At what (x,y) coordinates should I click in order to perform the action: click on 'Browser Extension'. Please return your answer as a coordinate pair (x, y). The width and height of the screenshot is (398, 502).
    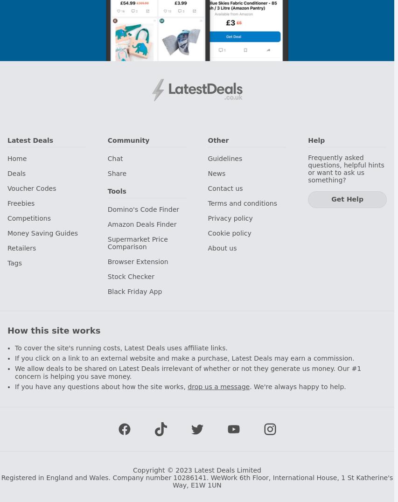
    Looking at the image, I should click on (137, 261).